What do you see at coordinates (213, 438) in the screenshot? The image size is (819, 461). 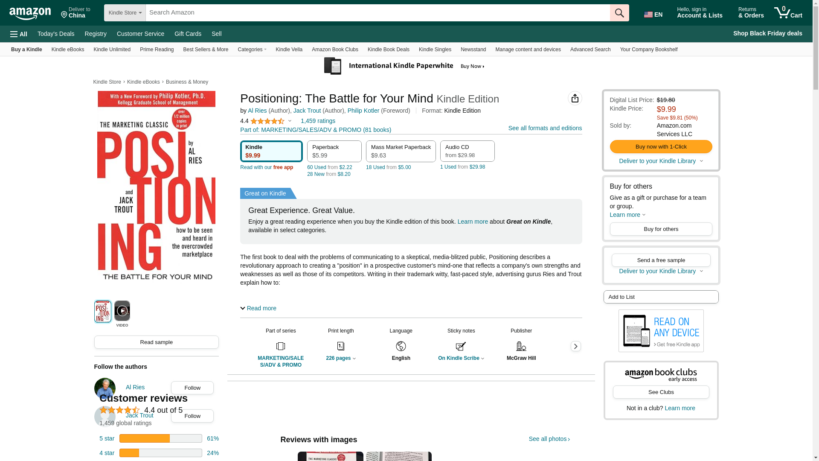 I see `'61%'` at bounding box center [213, 438].